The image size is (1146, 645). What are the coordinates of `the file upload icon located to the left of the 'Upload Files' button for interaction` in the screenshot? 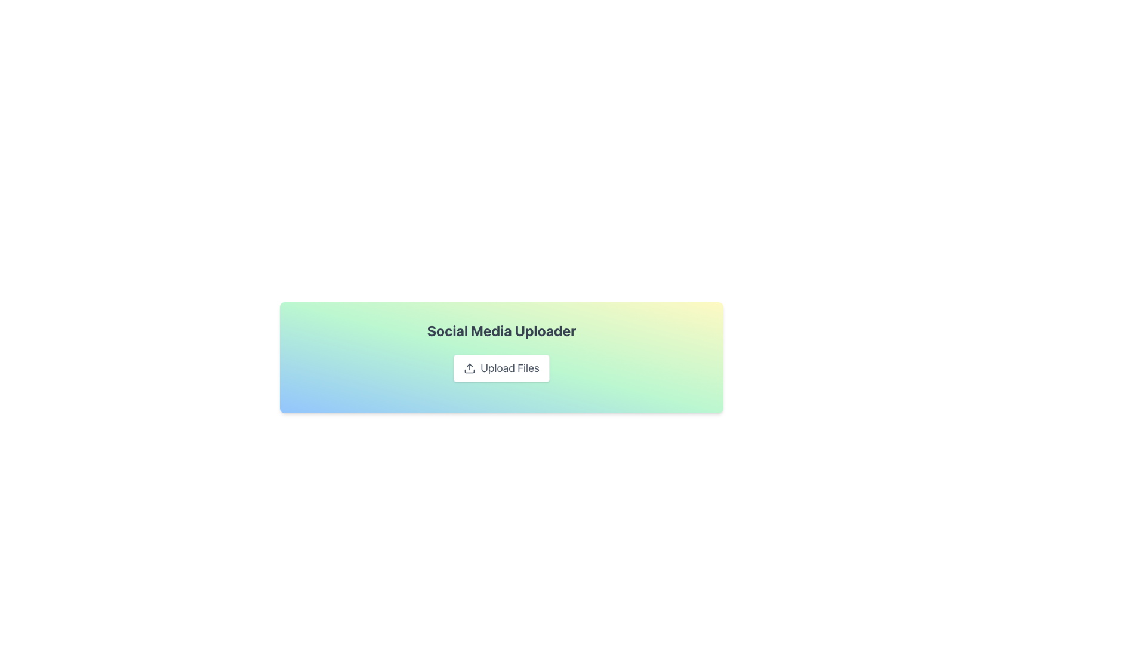 It's located at (469, 368).